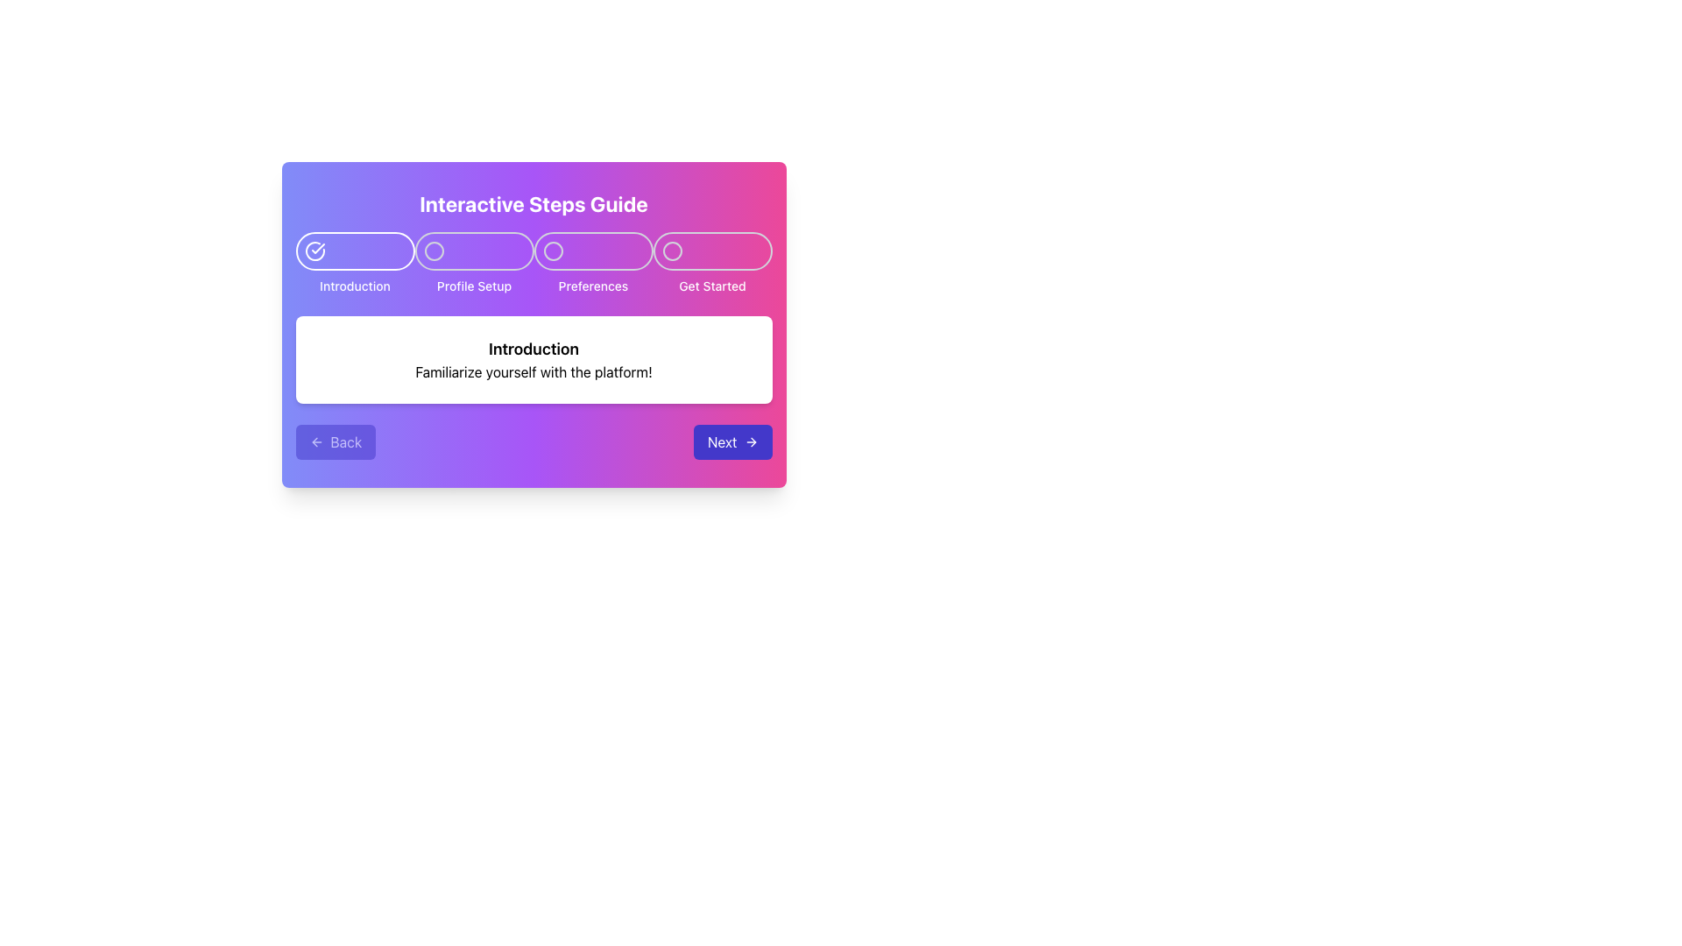  What do you see at coordinates (474, 263) in the screenshot?
I see `the 'Profile Setup' icon button, which is the second step in the navigation bar` at bounding box center [474, 263].